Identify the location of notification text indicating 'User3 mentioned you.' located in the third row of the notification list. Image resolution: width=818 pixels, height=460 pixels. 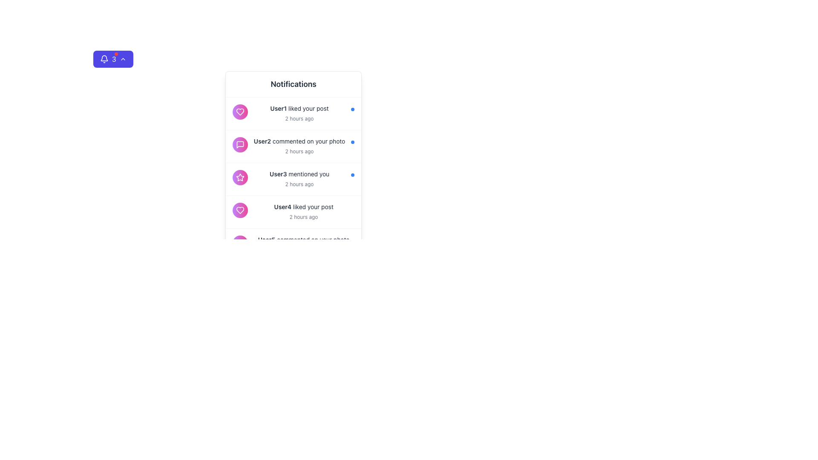
(299, 173).